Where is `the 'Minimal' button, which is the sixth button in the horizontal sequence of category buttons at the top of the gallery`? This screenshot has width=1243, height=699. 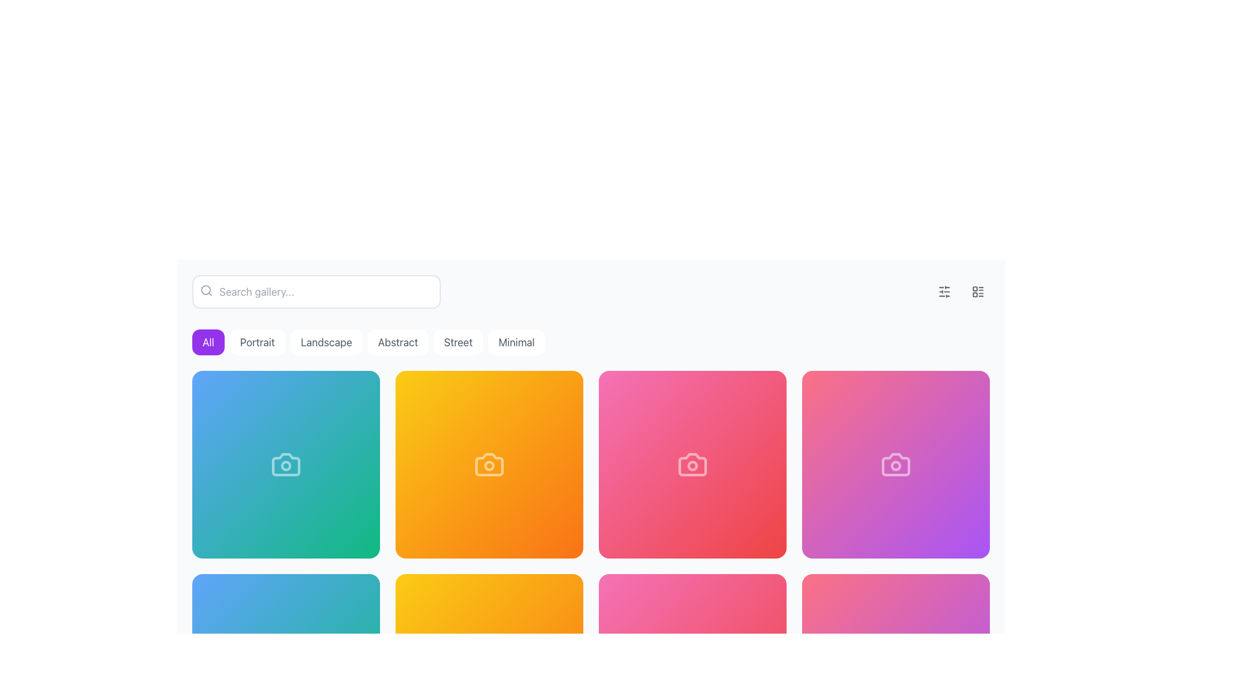
the 'Minimal' button, which is the sixth button in the horizontal sequence of category buttons at the top of the gallery is located at coordinates (515, 341).